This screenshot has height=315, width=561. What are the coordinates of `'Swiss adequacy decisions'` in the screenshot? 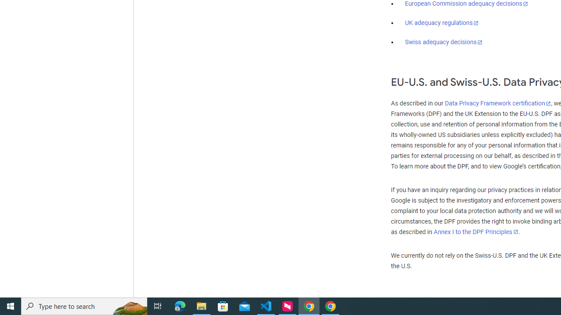 It's located at (444, 42).